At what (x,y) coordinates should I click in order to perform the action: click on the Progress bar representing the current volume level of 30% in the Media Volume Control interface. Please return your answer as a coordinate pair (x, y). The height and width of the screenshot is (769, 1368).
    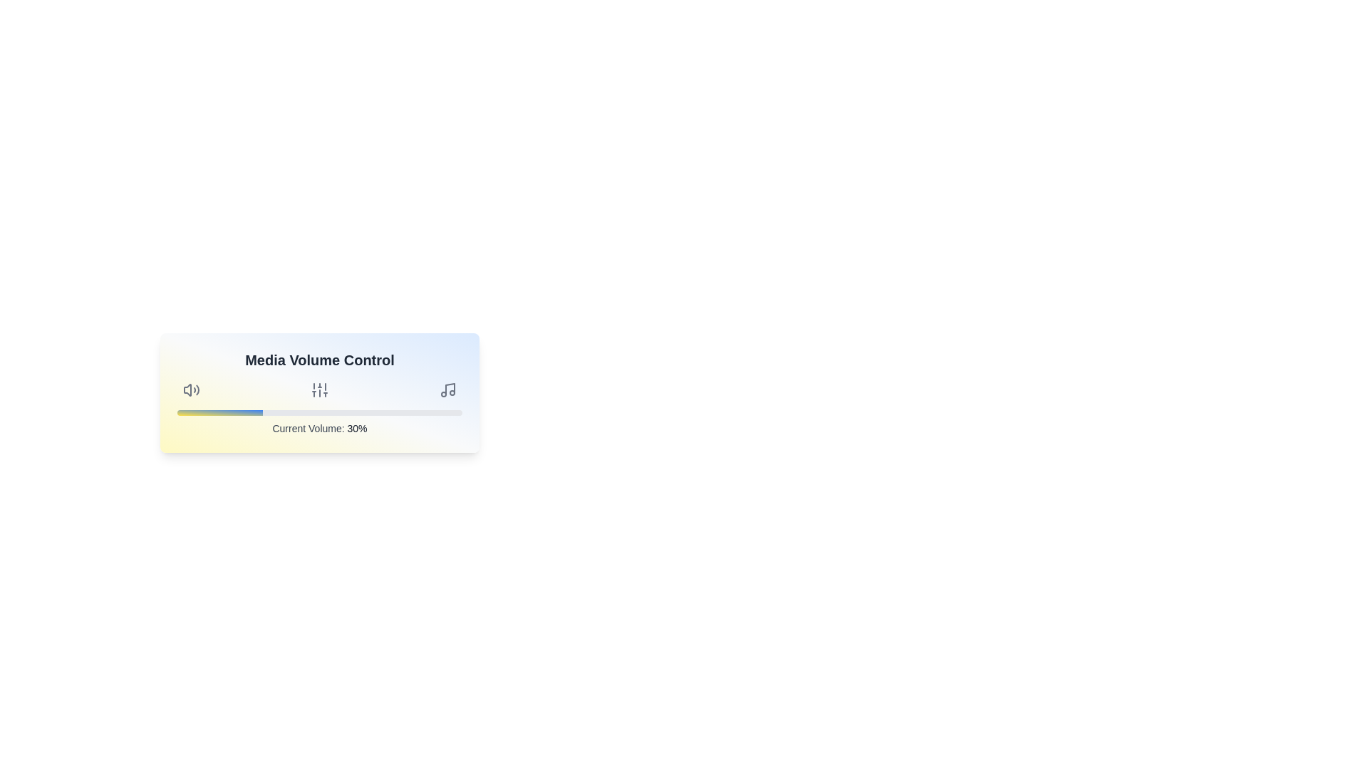
    Looking at the image, I should click on (319, 412).